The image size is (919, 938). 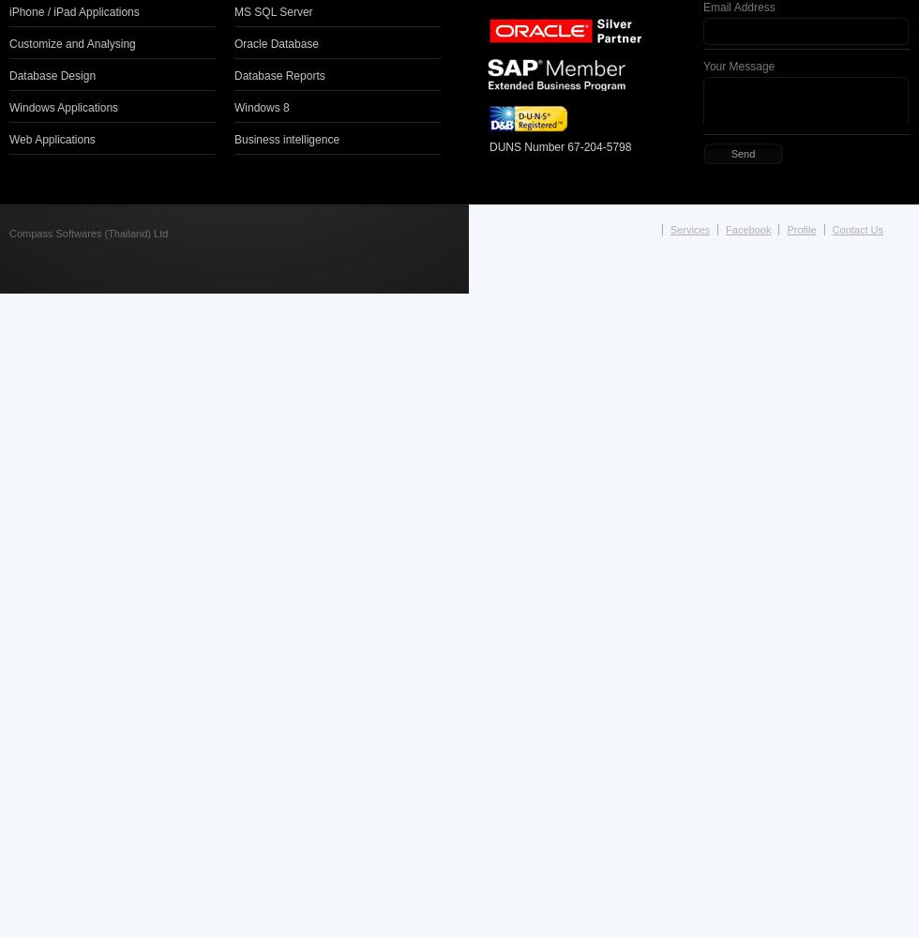 I want to click on 'Business intelligence', so click(x=286, y=139).